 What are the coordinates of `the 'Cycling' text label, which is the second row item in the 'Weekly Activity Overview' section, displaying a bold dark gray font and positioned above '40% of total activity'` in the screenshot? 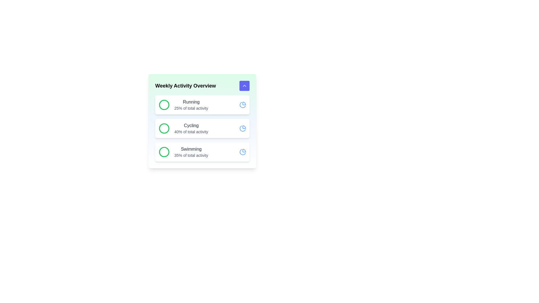 It's located at (191, 125).